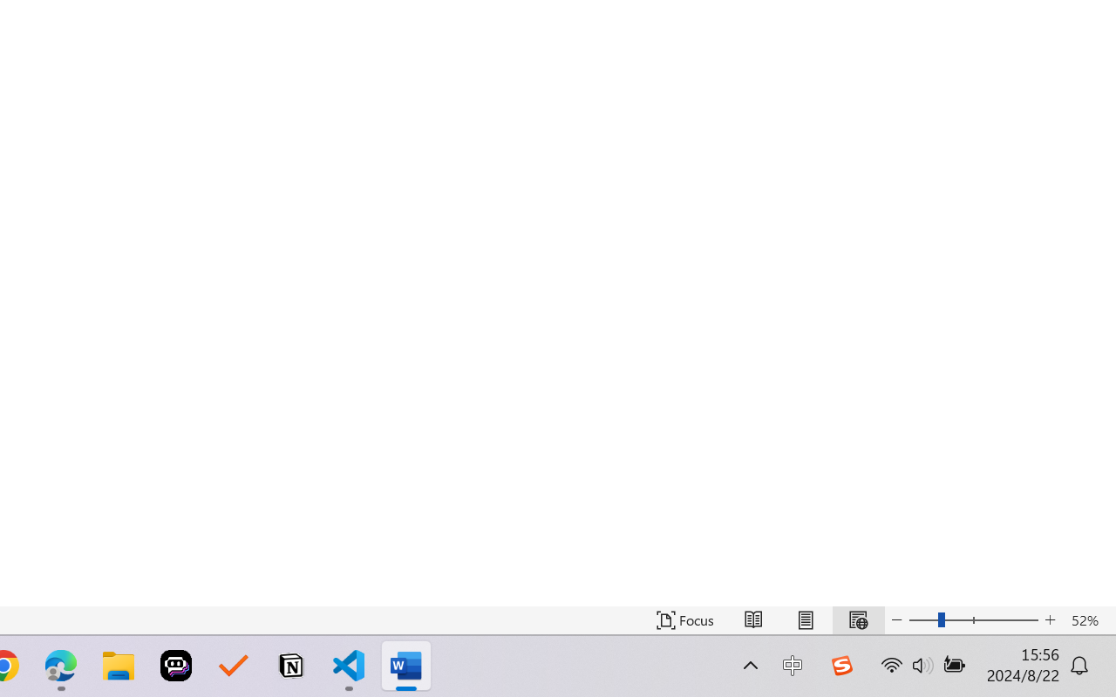  I want to click on 'Zoom', so click(972, 619).